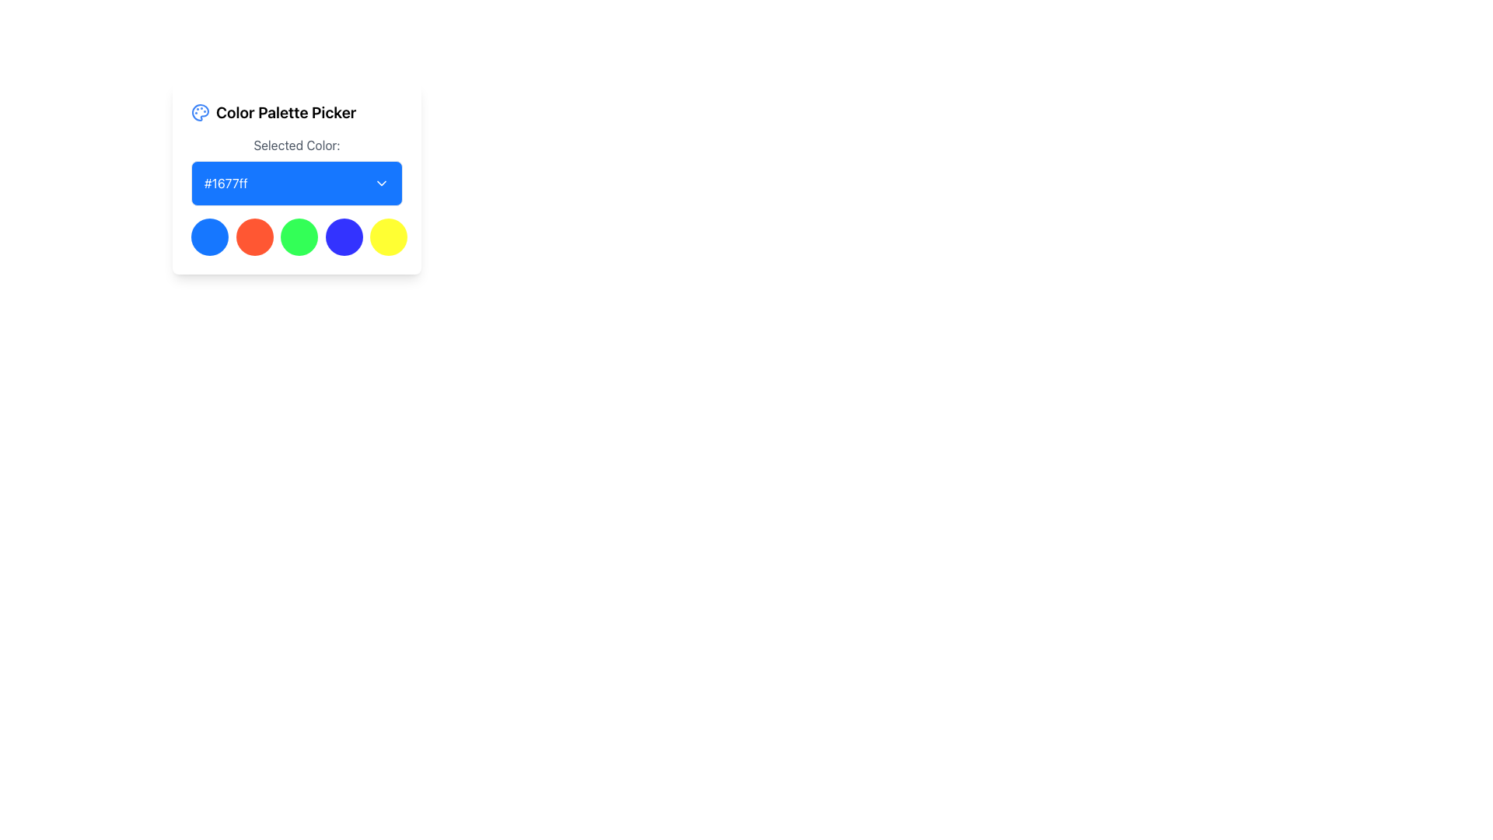 The height and width of the screenshot is (840, 1493). What do you see at coordinates (254, 236) in the screenshot?
I see `the Color selection button representing the color red, which is the second circular icon in a row of five, located beneath the 'Selected Color:' dropdown` at bounding box center [254, 236].